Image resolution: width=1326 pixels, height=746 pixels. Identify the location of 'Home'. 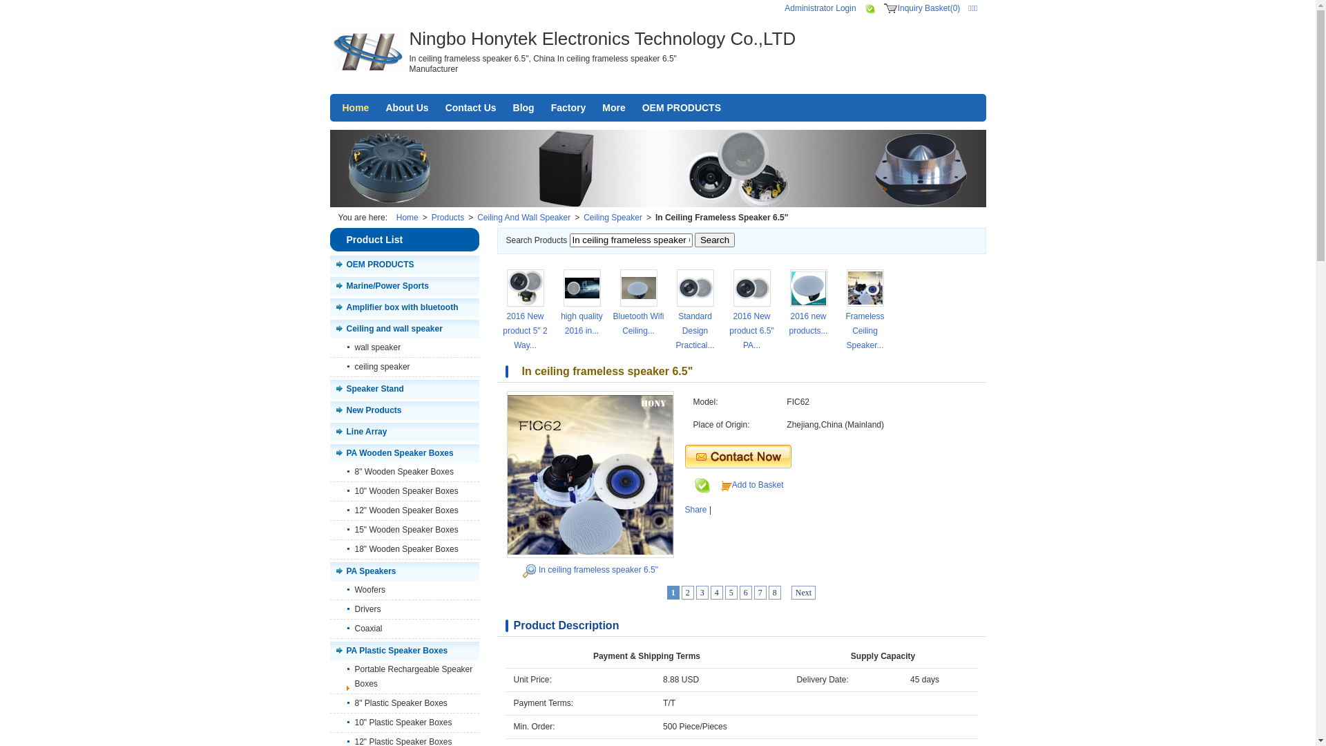
(356, 106).